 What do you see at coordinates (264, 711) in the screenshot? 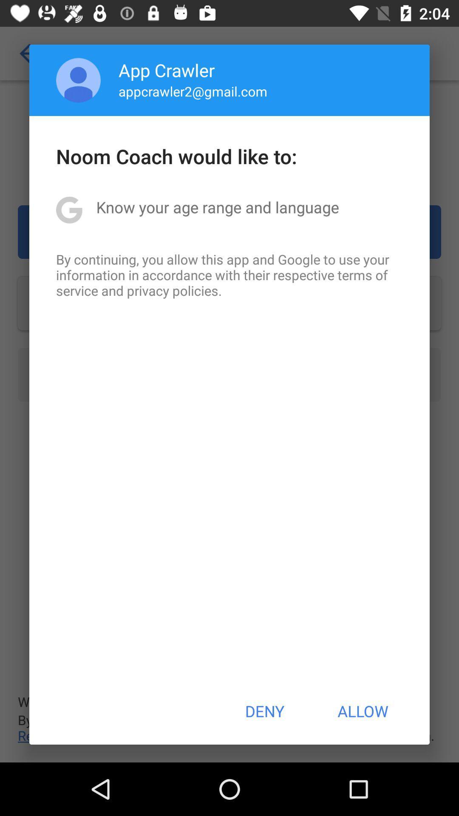
I see `the item at the bottom` at bounding box center [264, 711].